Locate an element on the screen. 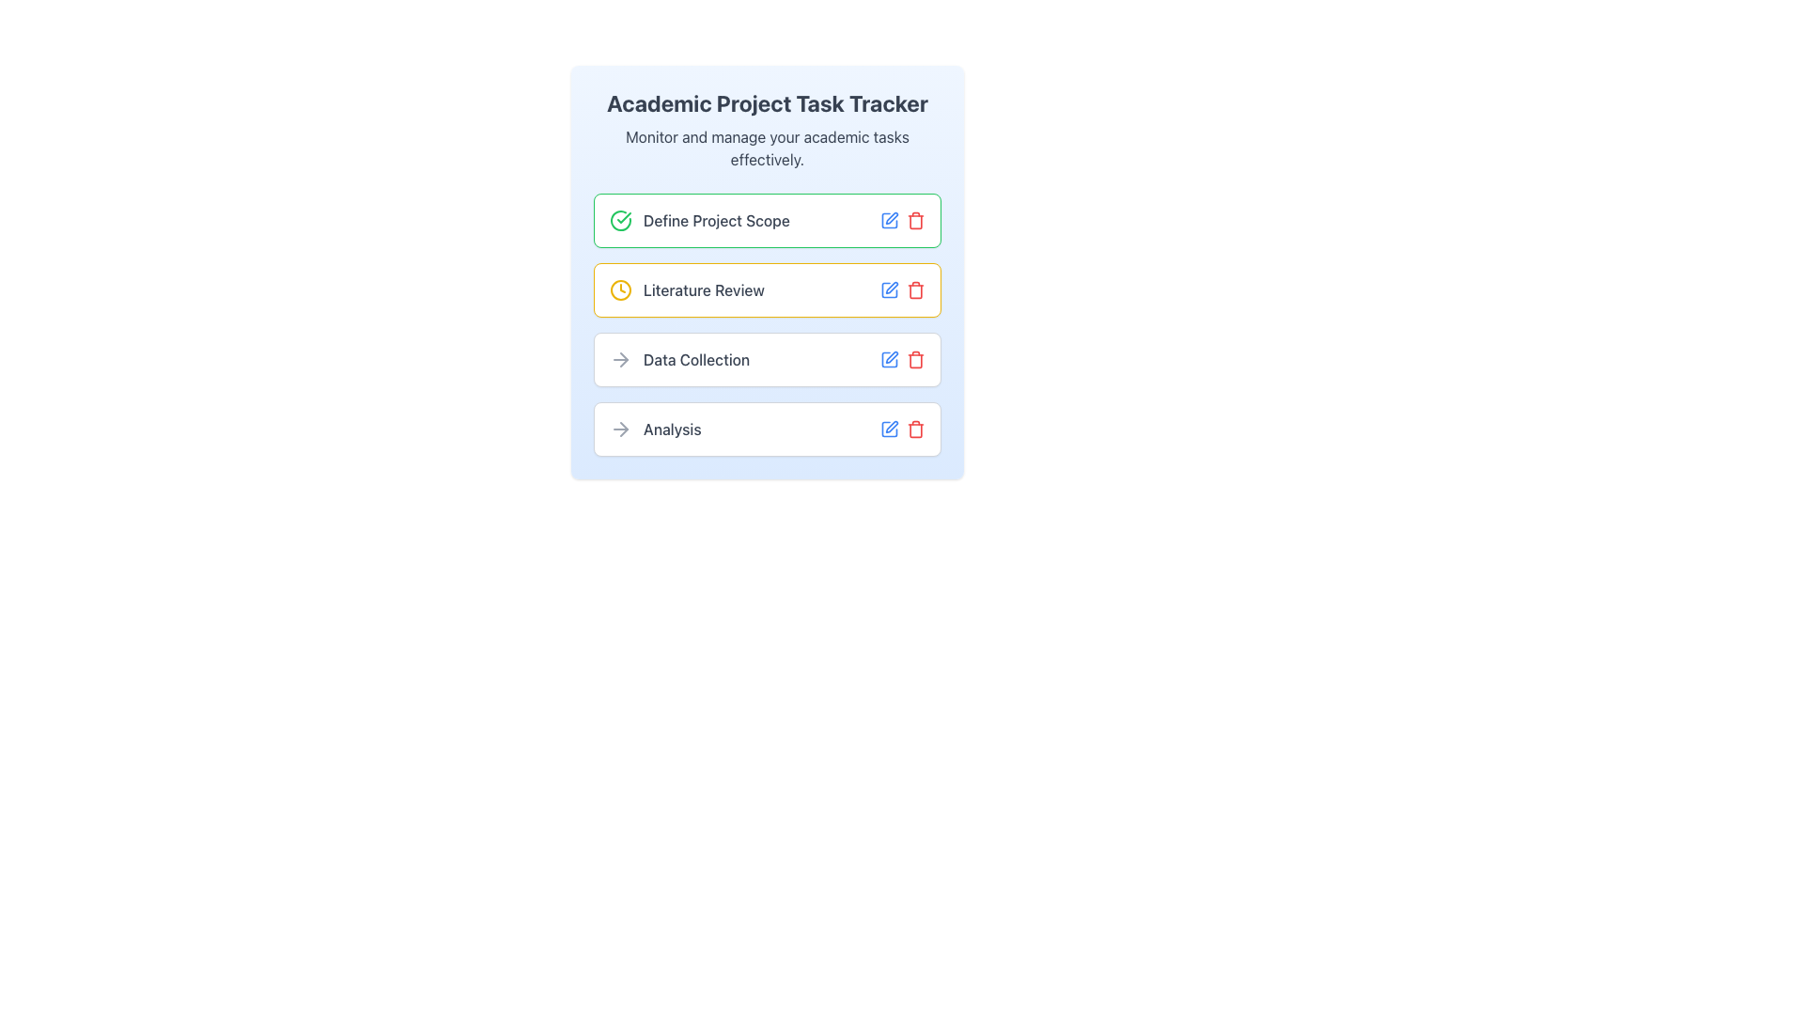 The height and width of the screenshot is (1015, 1804). the clock icon element indicating pending status for the 'Literature Review' item in the list is located at coordinates (621, 289).